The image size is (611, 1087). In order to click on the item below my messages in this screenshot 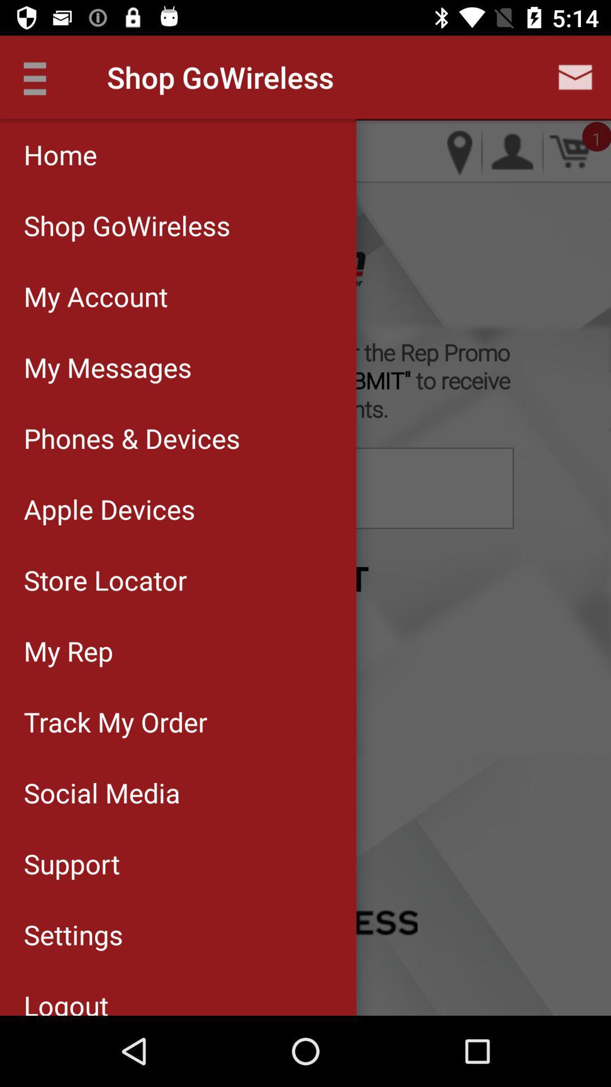, I will do `click(178, 437)`.